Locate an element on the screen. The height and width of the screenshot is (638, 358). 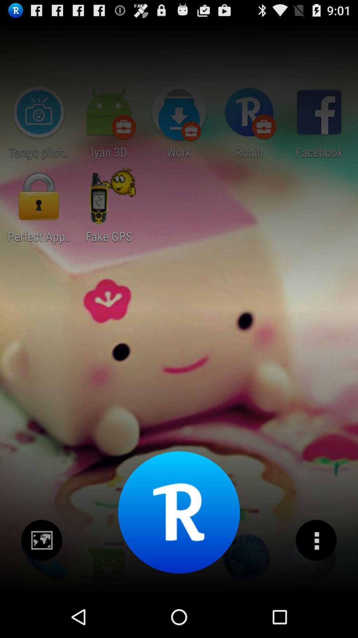
option is located at coordinates (316, 540).